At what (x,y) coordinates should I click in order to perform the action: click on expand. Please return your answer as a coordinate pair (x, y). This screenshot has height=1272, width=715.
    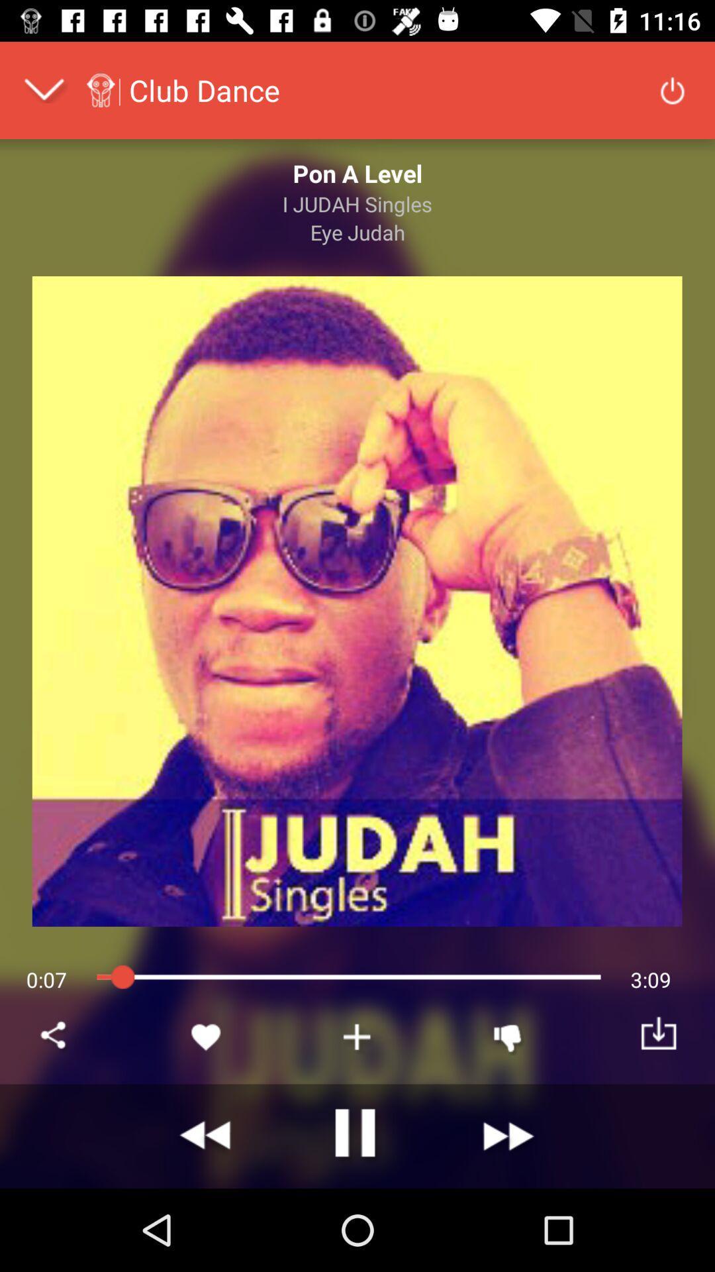
    Looking at the image, I should click on (43, 89).